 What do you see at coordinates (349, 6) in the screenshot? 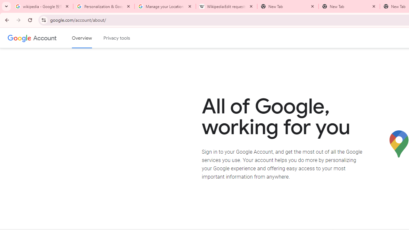
I see `'New Tab'` at bounding box center [349, 6].